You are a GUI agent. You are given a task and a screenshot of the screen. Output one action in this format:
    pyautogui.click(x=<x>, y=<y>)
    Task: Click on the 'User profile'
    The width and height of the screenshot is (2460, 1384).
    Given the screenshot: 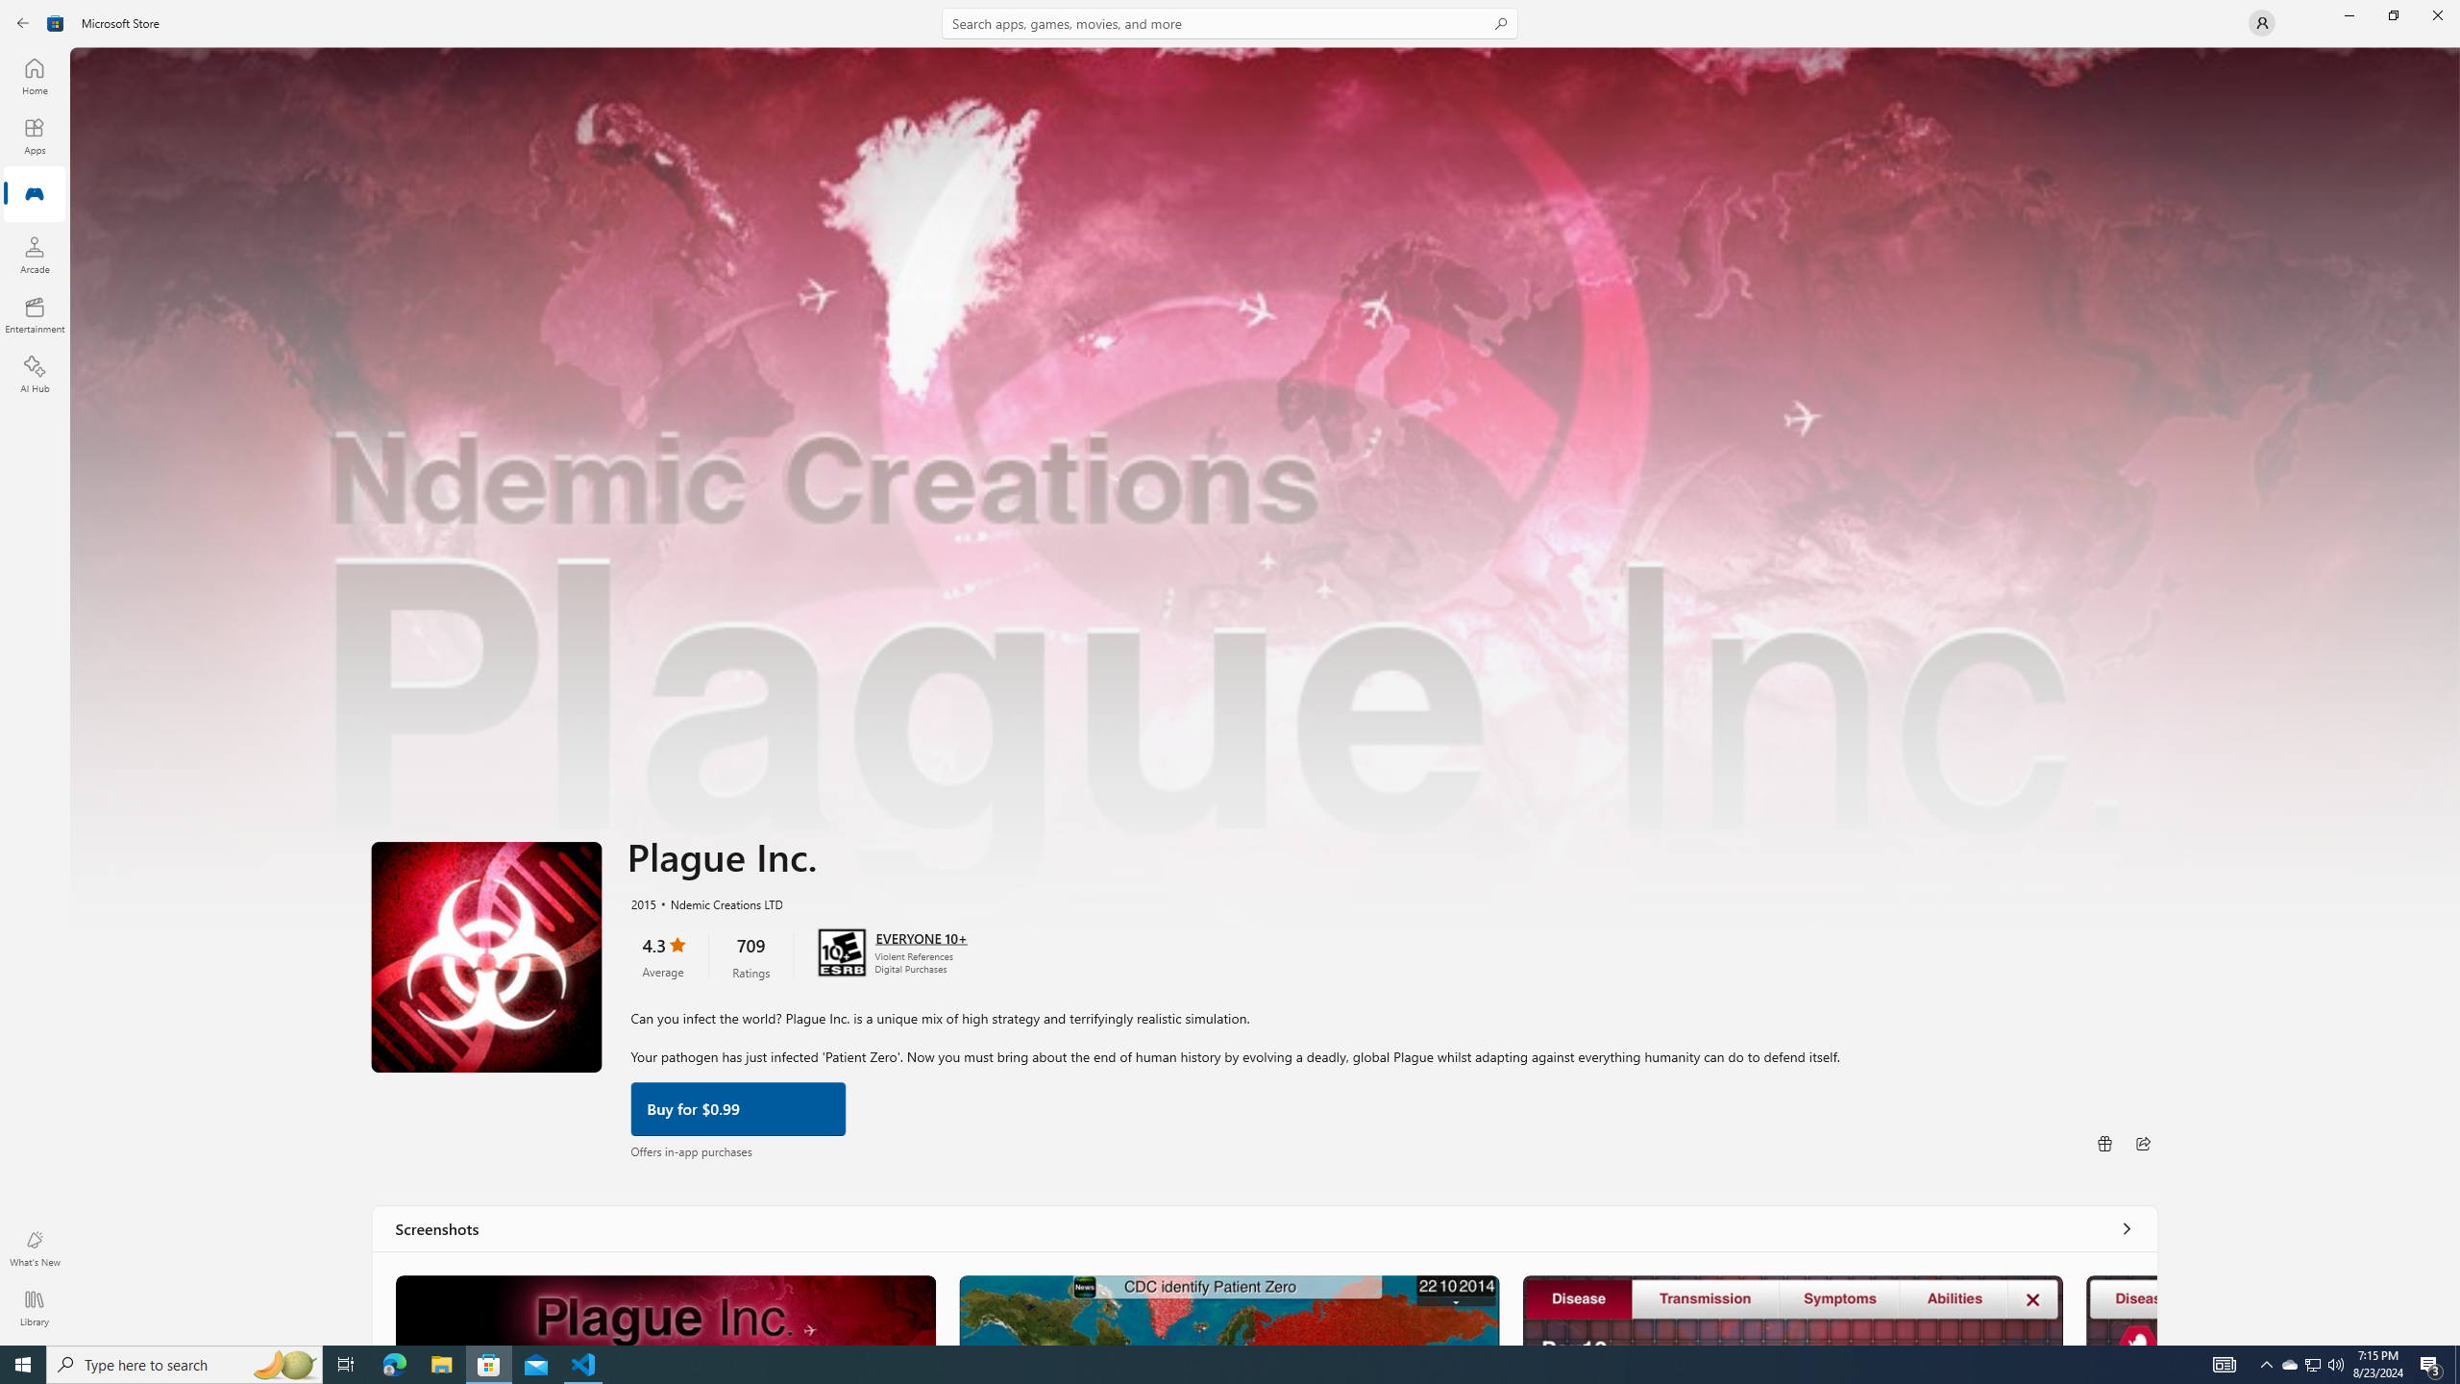 What is the action you would take?
    pyautogui.click(x=2260, y=21)
    